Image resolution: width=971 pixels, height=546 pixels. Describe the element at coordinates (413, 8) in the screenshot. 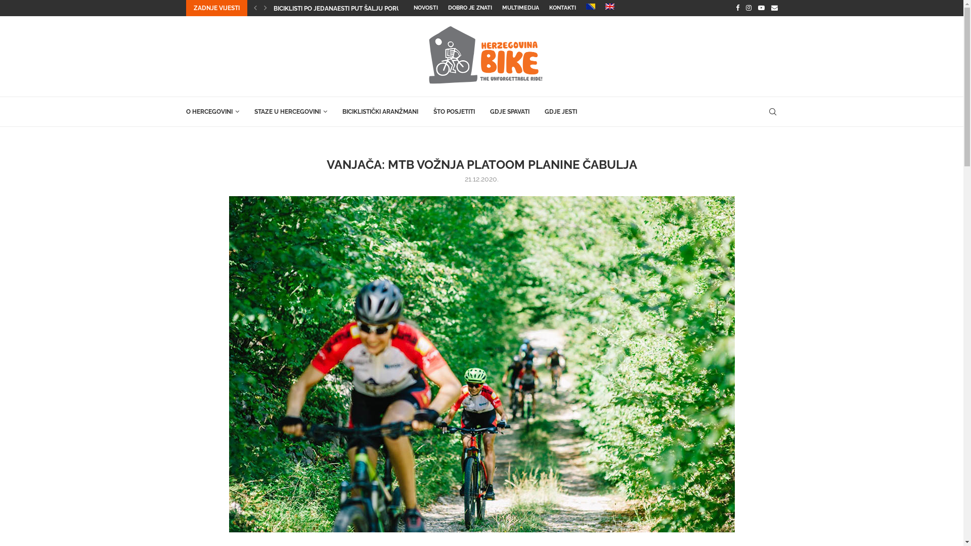

I see `'NOVOSTI'` at that location.